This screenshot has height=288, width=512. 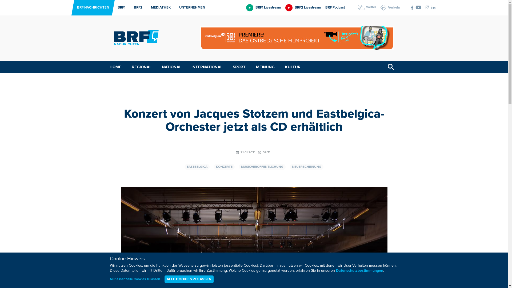 I want to click on 'Wetter', so click(x=366, y=7).